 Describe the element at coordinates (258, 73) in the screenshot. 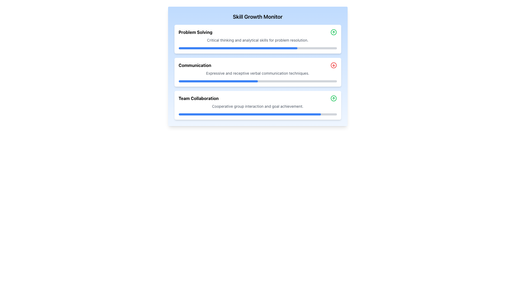

I see `text element containing 'Expressive and receptive verbal communication techniques.' located in the 'Communication' section, beneath the section title` at that location.